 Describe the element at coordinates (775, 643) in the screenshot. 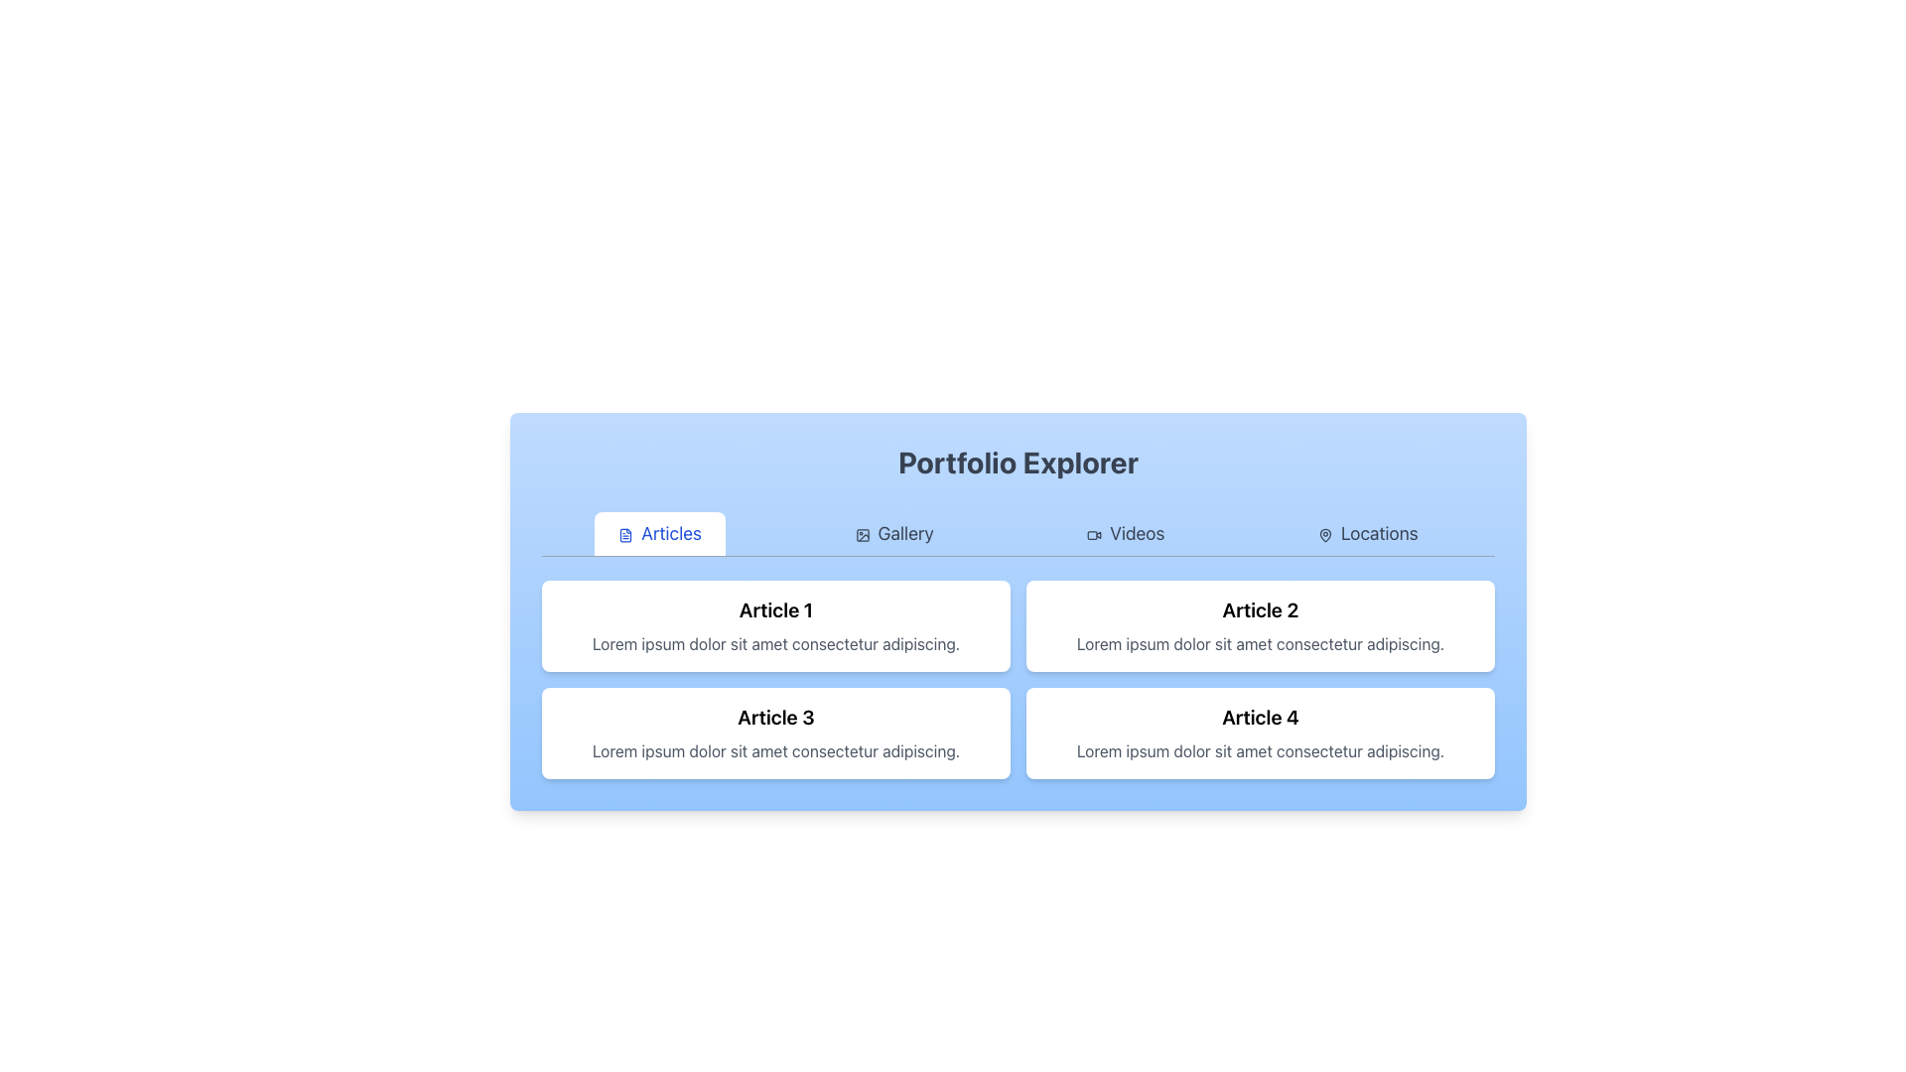

I see `the static text element providing additional information related to 'Article 1', located directly below the headline in the first card of the grid layout in the 'Articles' section of the 'Portfolio Explorer' interface` at that location.